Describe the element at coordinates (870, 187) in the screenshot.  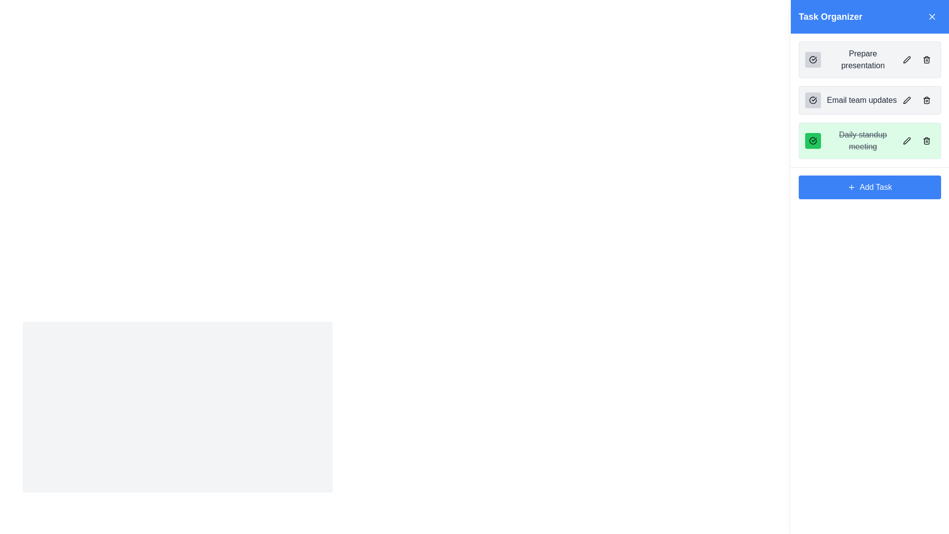
I see `the 'Add Task' button located at the bottom of the task organizer` at that location.